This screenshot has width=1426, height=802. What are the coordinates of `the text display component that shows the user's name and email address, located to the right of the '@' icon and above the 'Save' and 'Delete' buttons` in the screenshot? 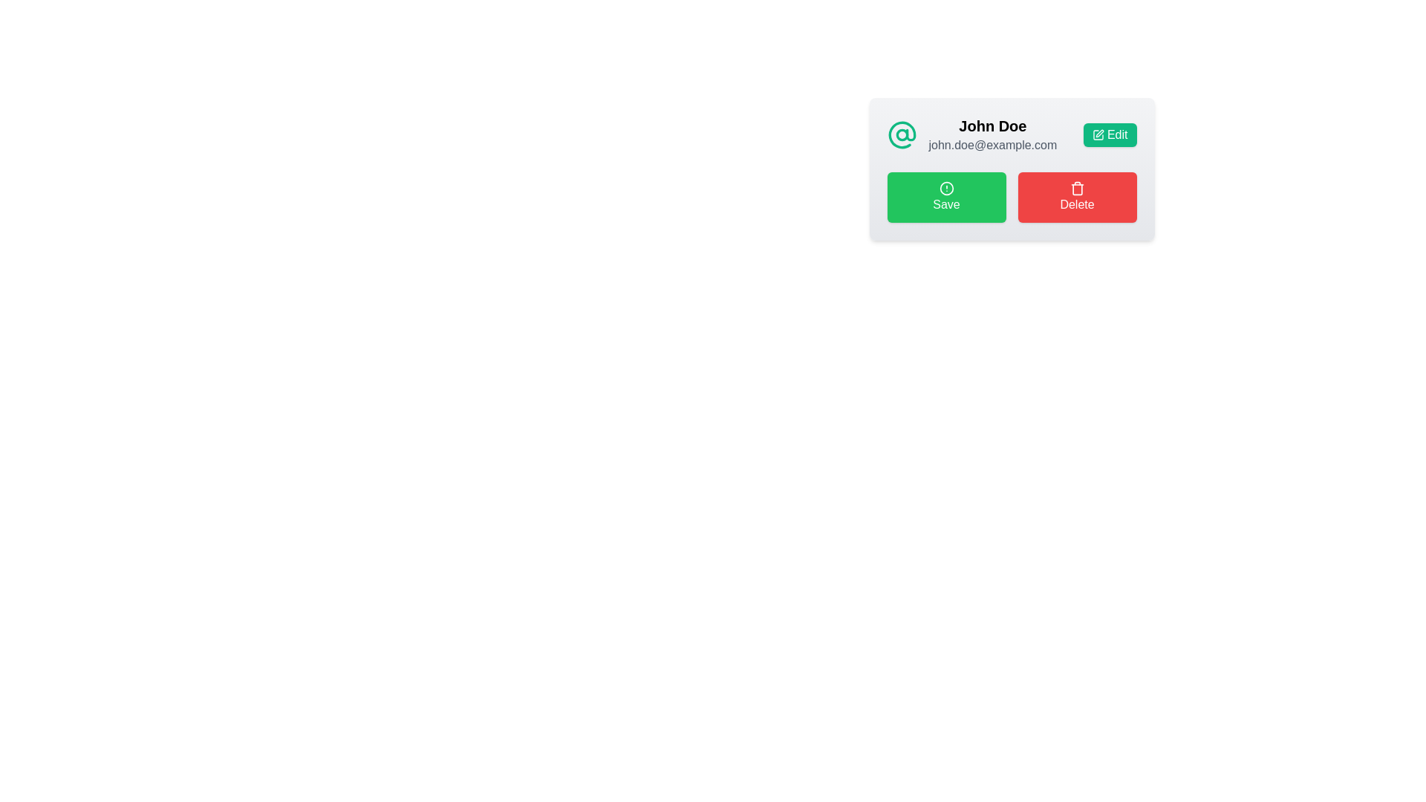 It's located at (992, 134).